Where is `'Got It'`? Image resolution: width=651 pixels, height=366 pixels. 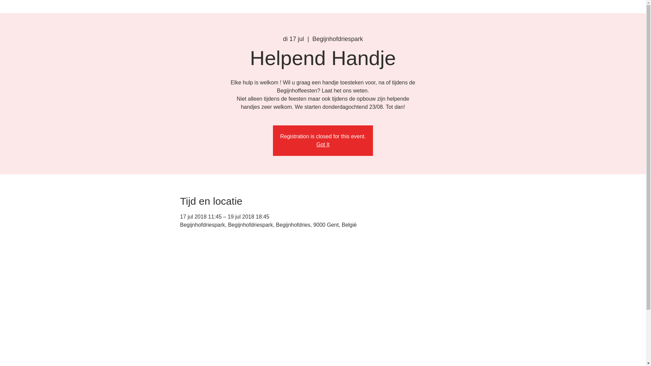 'Got It' is located at coordinates (316, 144).